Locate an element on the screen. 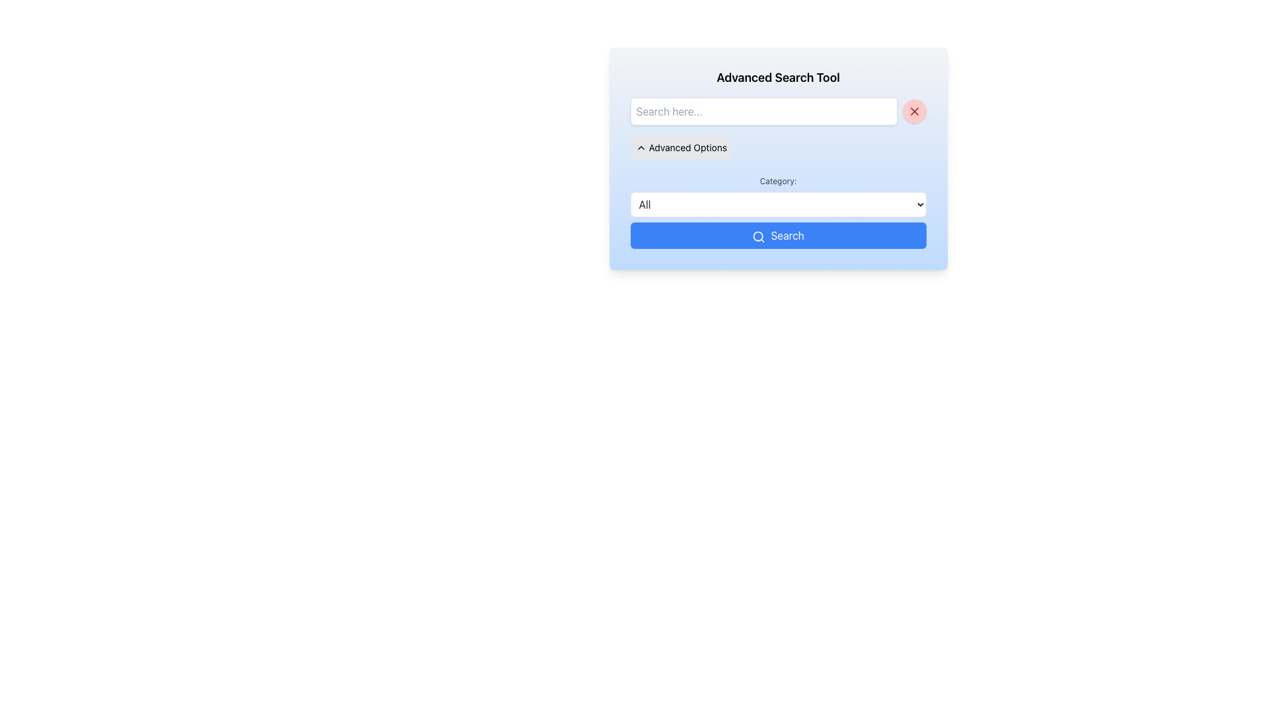  the small upward-facing chevron icon located in the 'Advanced Options' section is located at coordinates (641, 147).